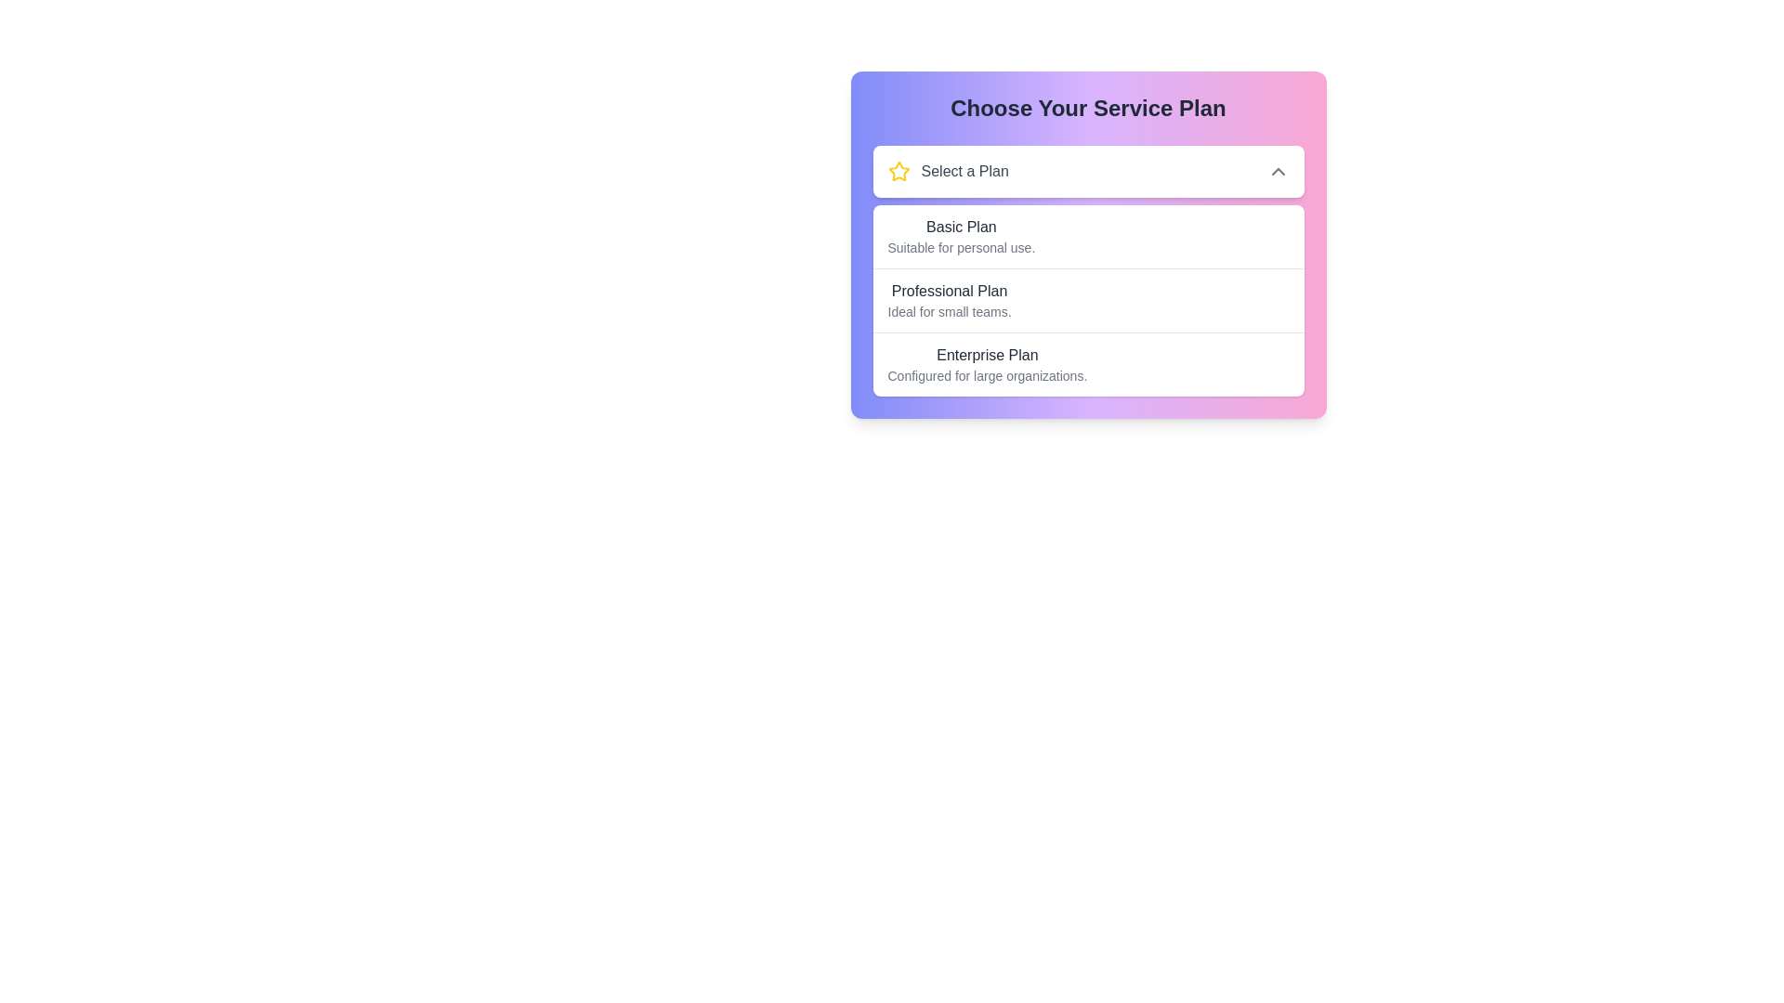 The width and height of the screenshot is (1784, 1003). Describe the element at coordinates (950, 300) in the screenshot. I see `text displayed for the 'Professional Plan' option in the dropdown menu labeled 'Choose Your Service Plan'` at that location.